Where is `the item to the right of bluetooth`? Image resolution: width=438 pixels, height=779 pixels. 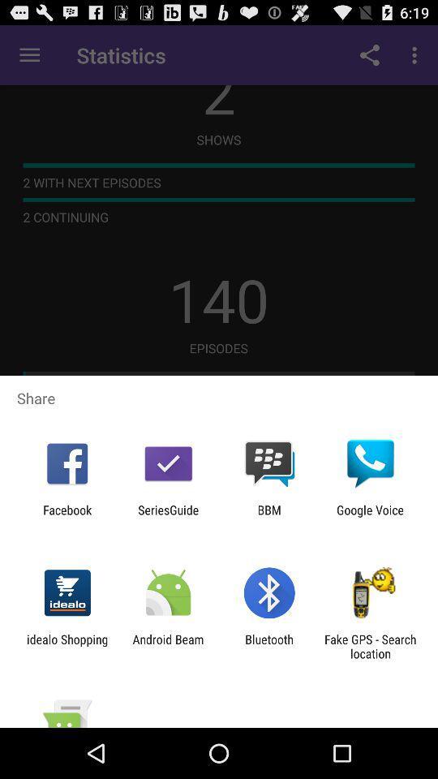 the item to the right of bluetooth is located at coordinates (370, 646).